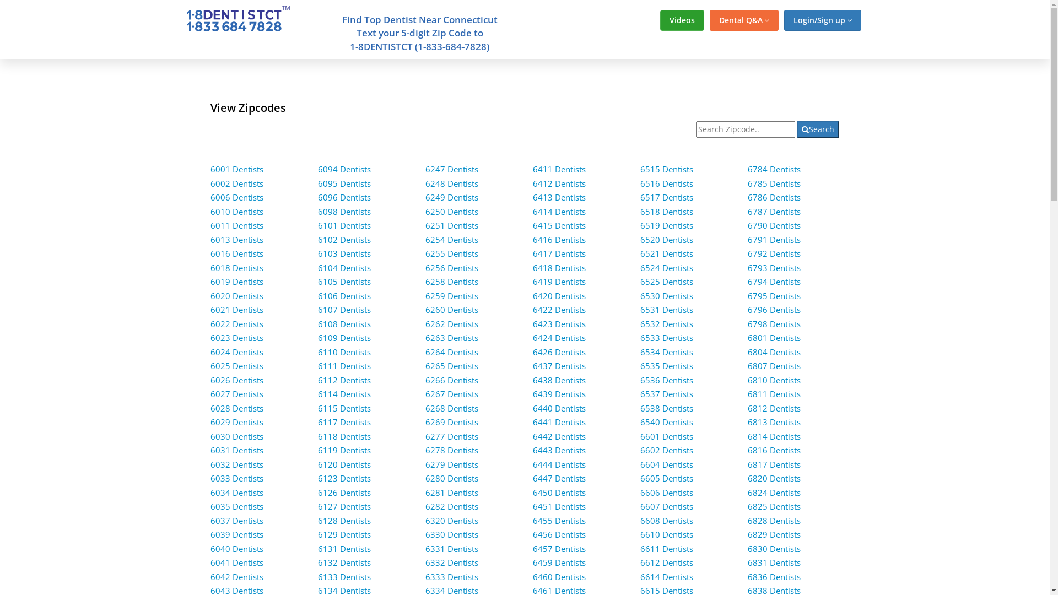 The width and height of the screenshot is (1058, 595). What do you see at coordinates (666, 280) in the screenshot?
I see `'6525 Dentists'` at bounding box center [666, 280].